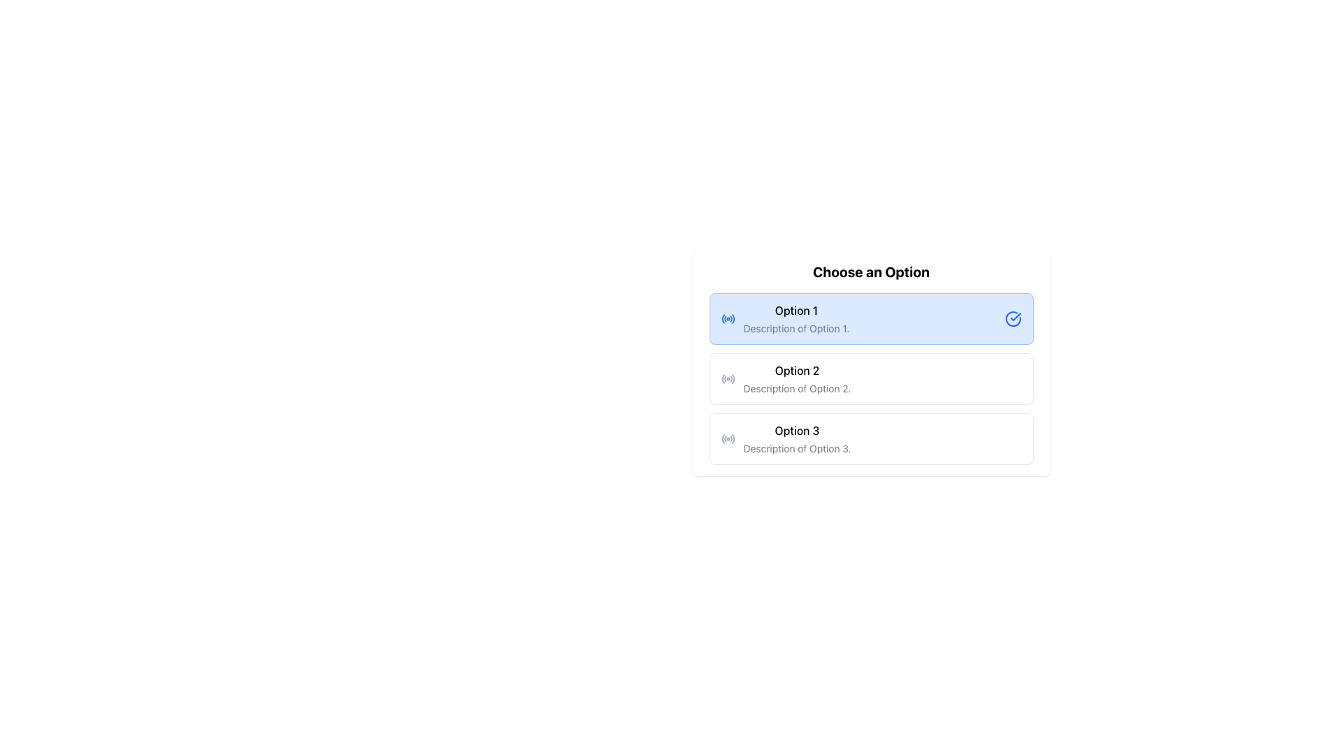  I want to click on the icon indicating the selectable state of 'Option 2', which is located to the left of the text 'Option 2' in the option selection list, so click(727, 379).